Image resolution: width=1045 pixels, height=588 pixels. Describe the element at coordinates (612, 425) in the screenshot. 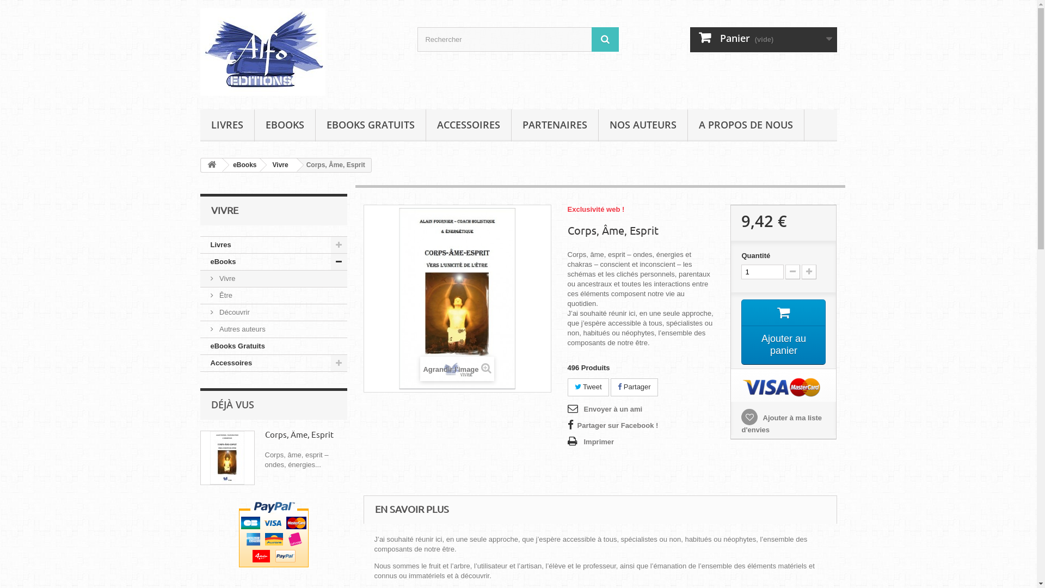

I see `'Partager sur Facebook !'` at that location.